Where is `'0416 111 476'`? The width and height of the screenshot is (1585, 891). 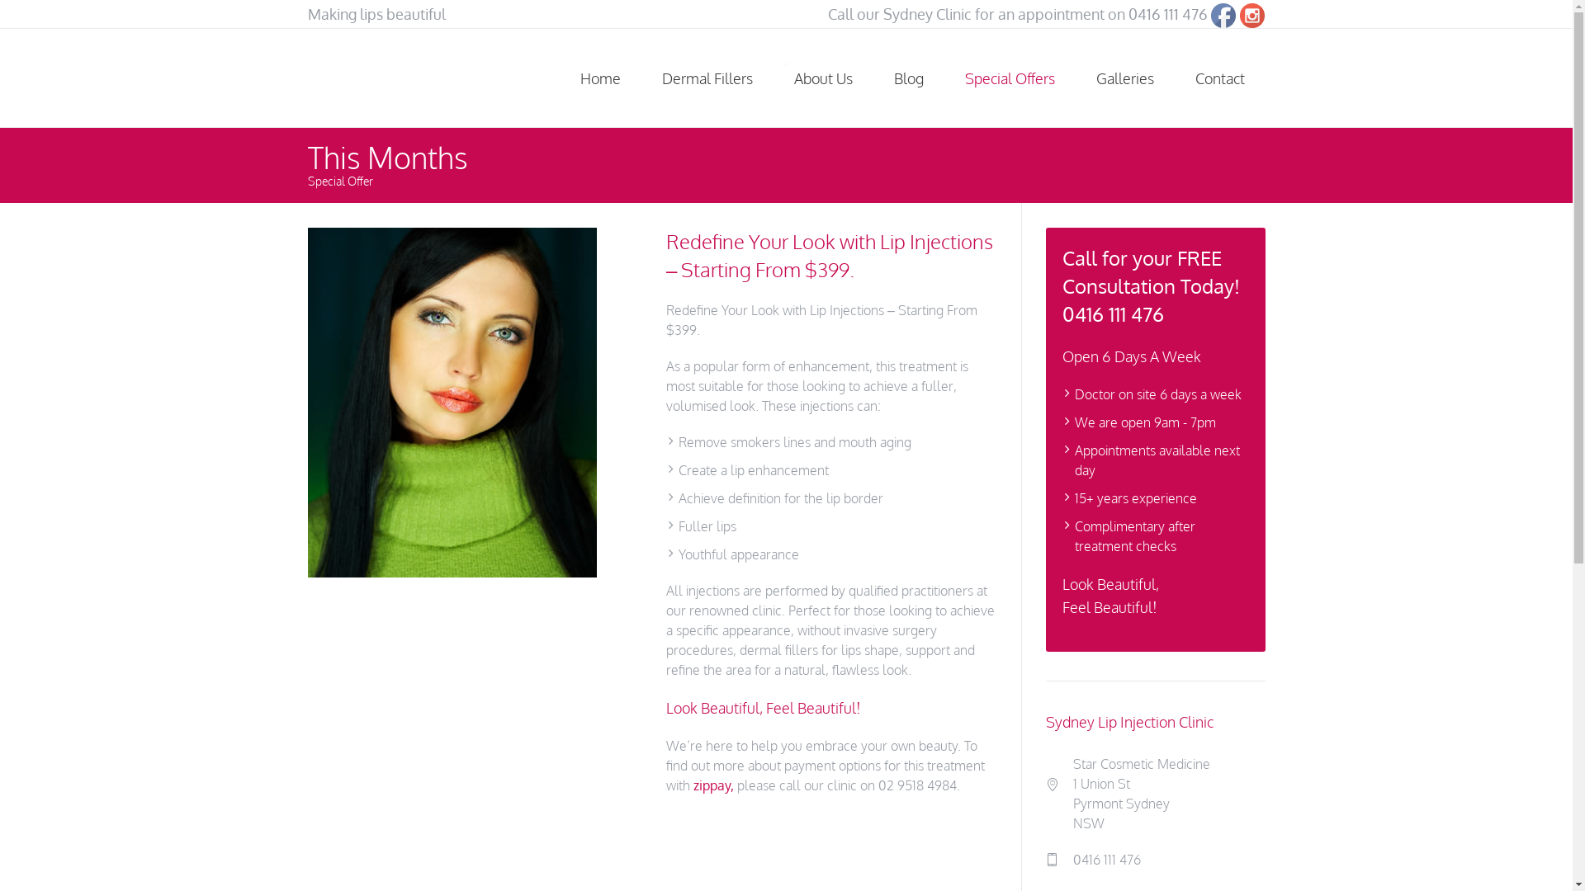 '0416 111 476' is located at coordinates (1167, 13).